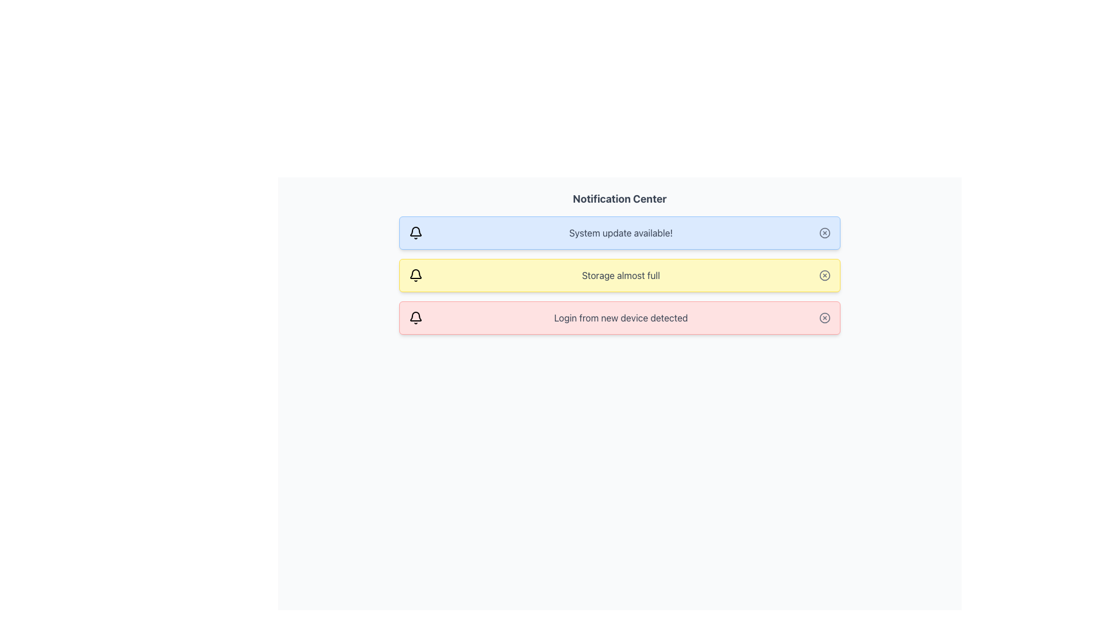  What do you see at coordinates (824, 318) in the screenshot?
I see `the small circular button with a gray border and 'X' mark located in the bottom-most notification card labeled 'Login from new device detected'` at bounding box center [824, 318].